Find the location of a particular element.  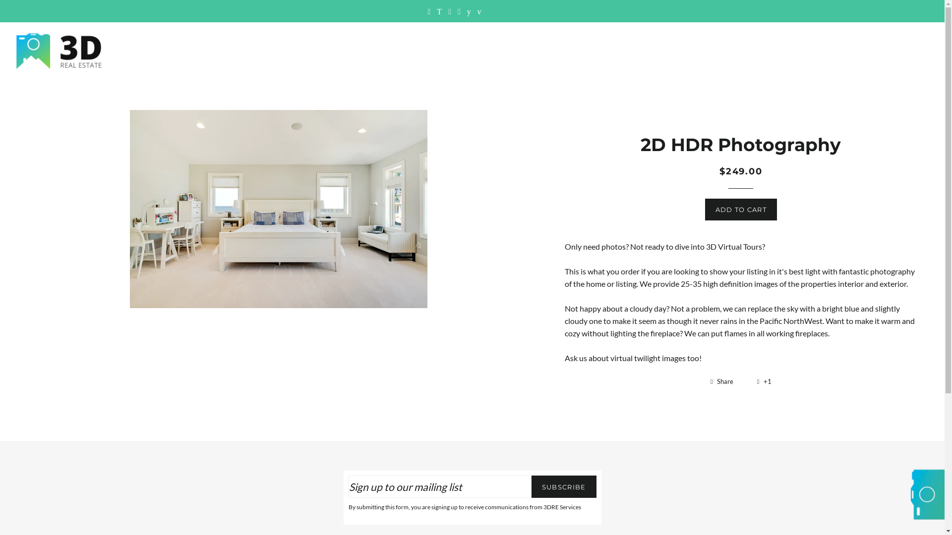

'3DRE Services on Facebook' is located at coordinates (428, 11).